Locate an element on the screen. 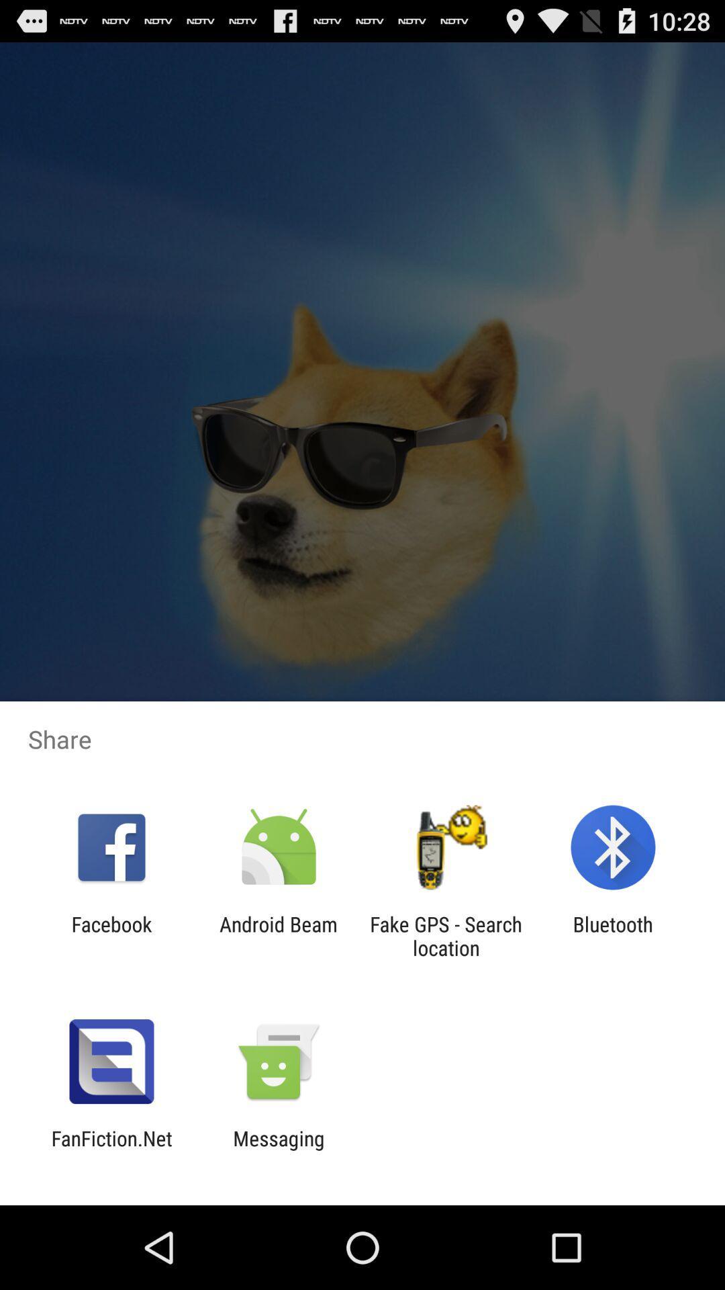 The image size is (725, 1290). app next to messaging app is located at coordinates (111, 1150).